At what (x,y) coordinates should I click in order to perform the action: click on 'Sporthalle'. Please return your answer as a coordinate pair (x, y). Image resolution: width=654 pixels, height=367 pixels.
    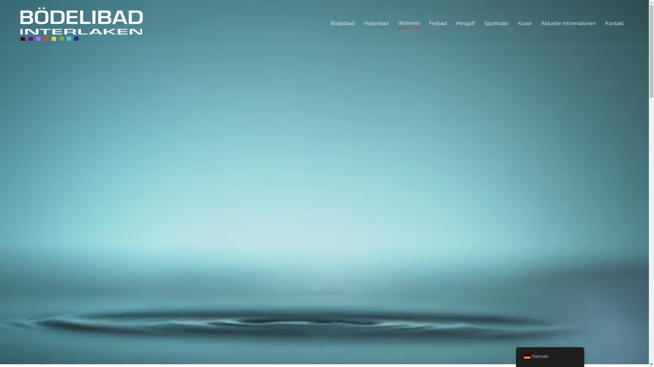
    Looking at the image, I should click on (496, 23).